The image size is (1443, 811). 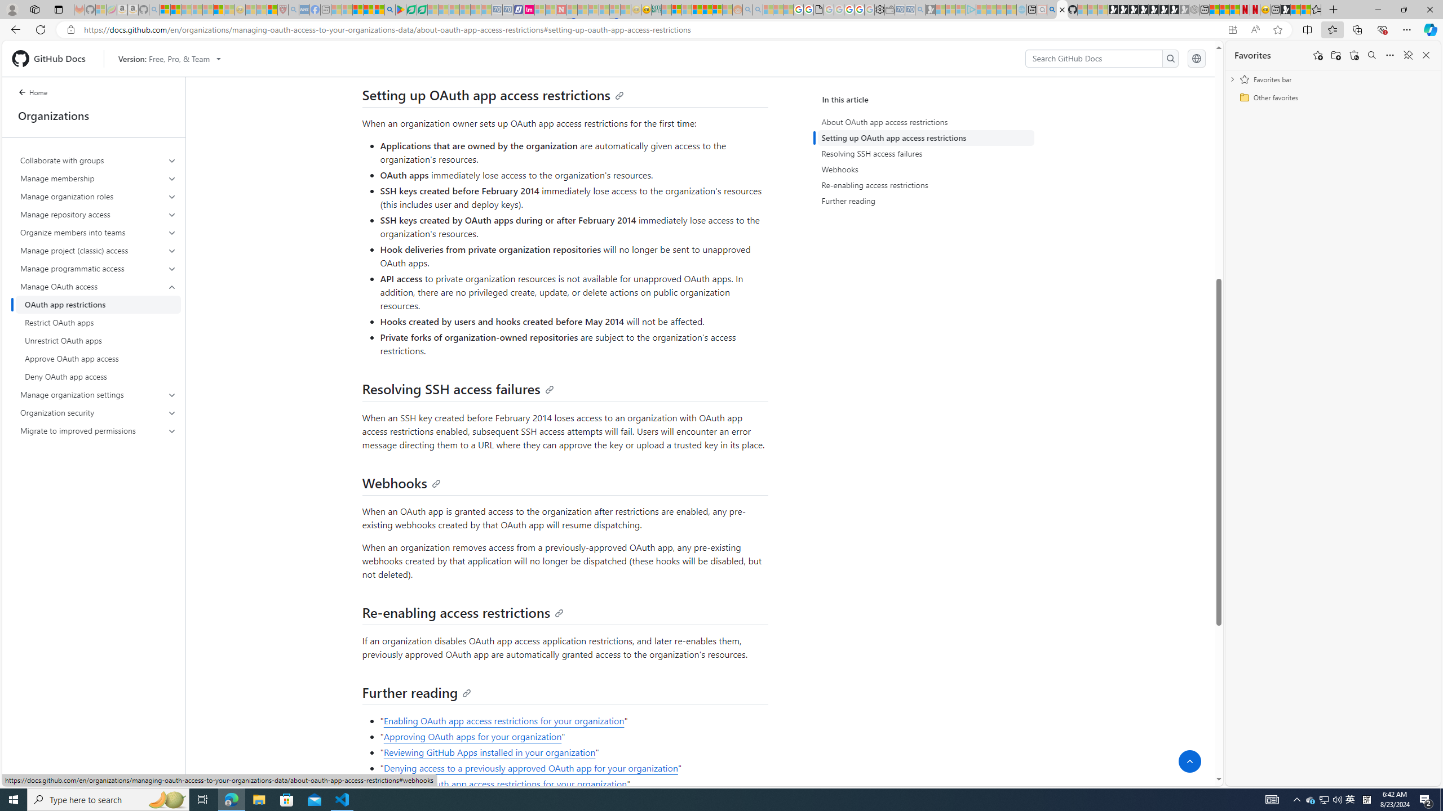 I want to click on 'Deny OAuth app access', so click(x=98, y=376).